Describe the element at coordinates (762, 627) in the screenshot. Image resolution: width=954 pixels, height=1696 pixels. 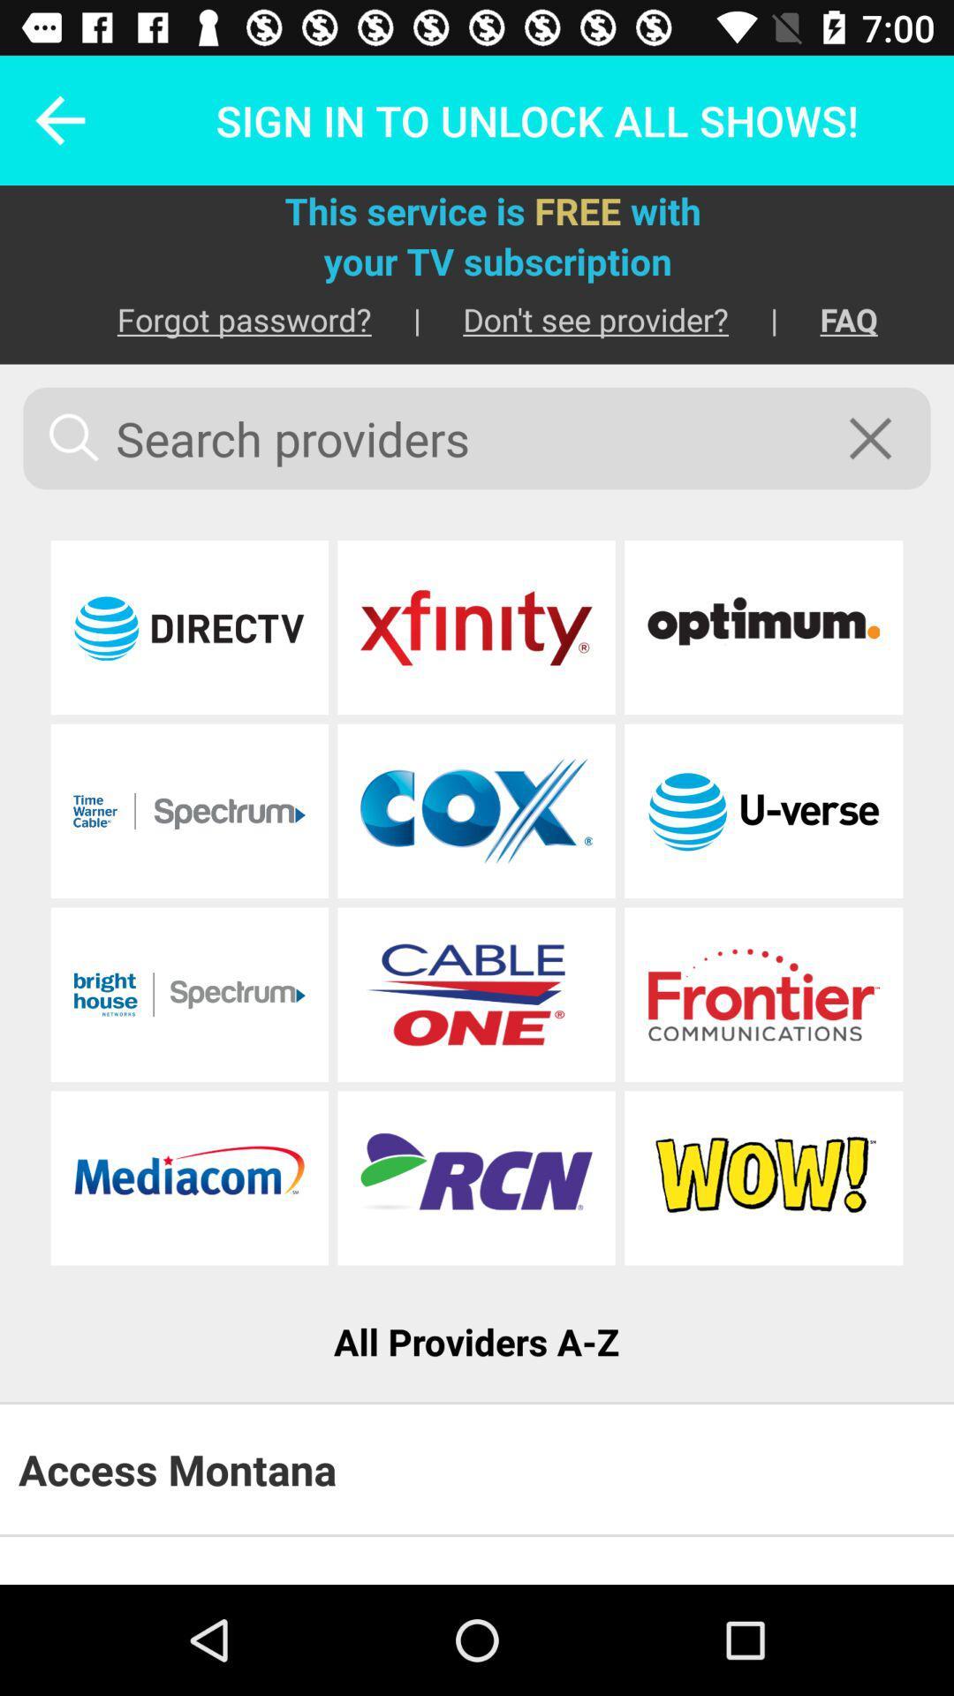
I see `sign in to the provider` at that location.